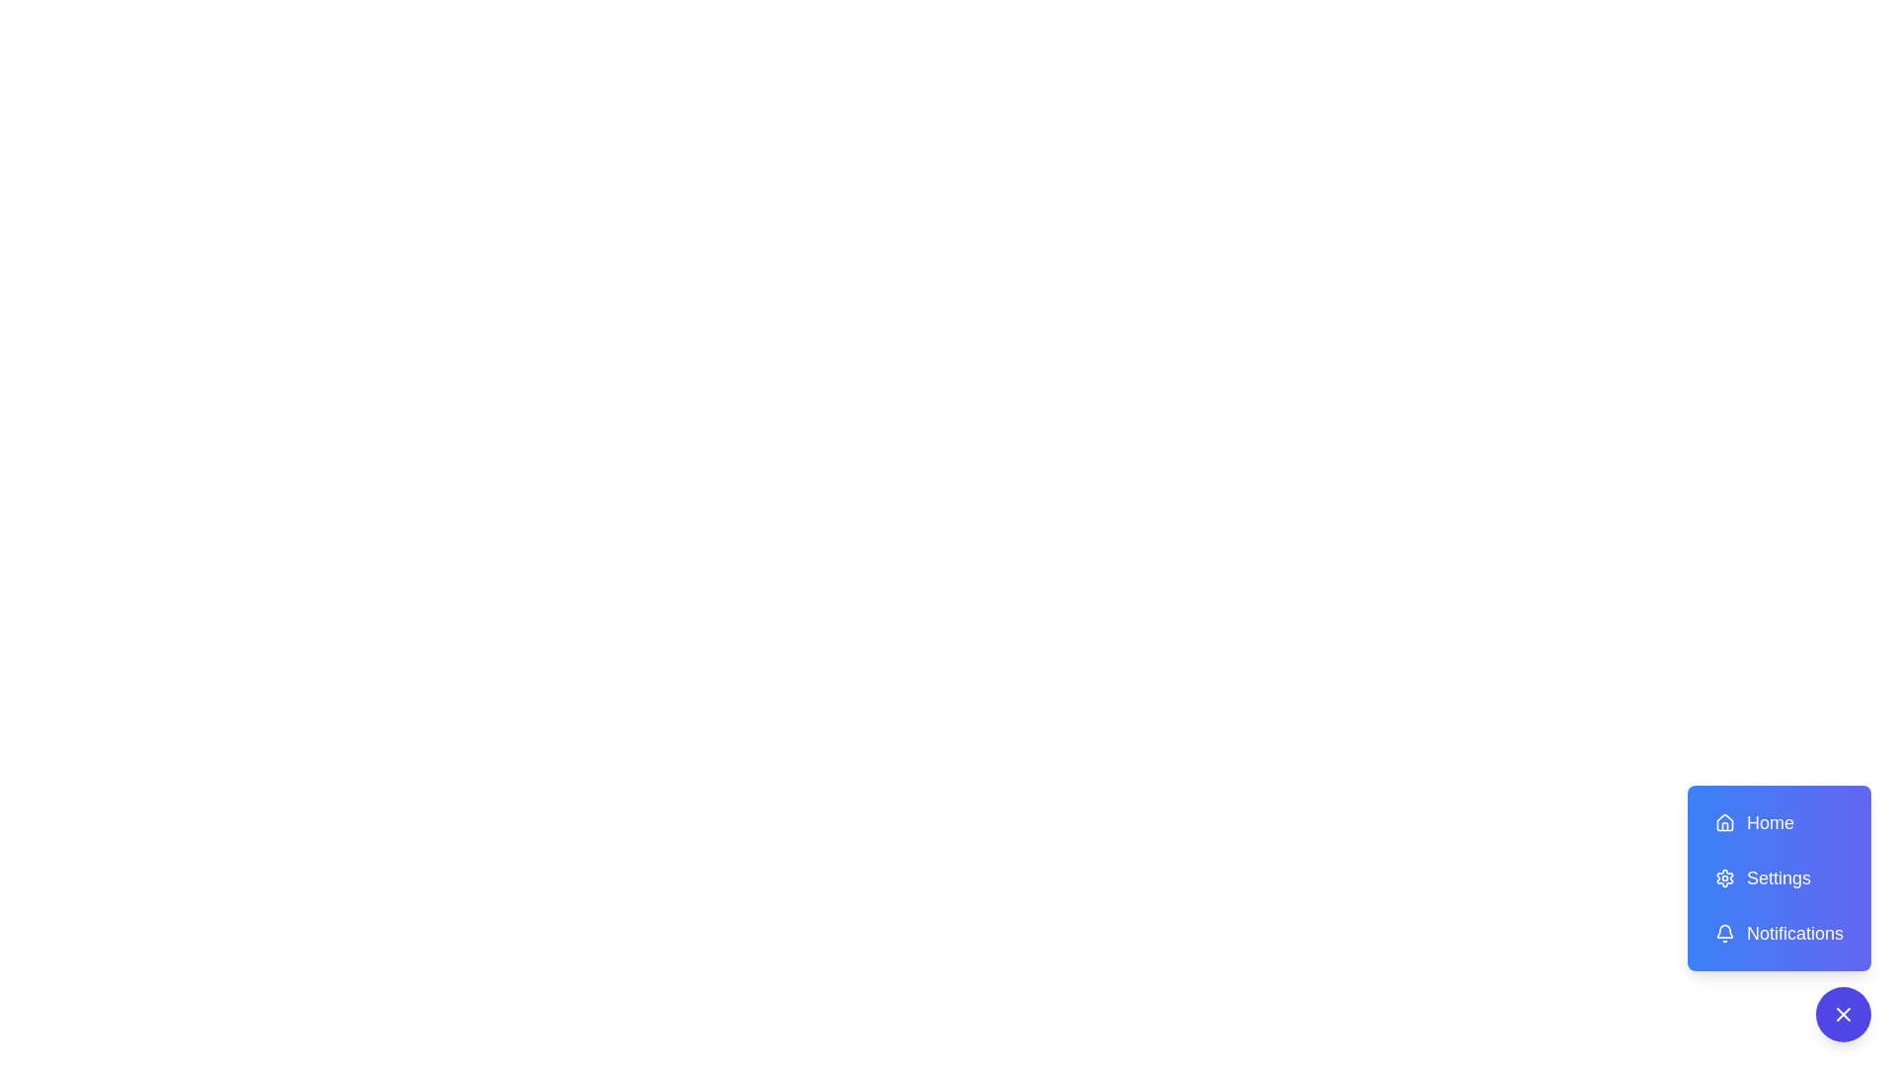 The height and width of the screenshot is (1066, 1895). I want to click on the 'Notifications' label located at the bottom right of the dropdown menu, so click(1795, 933).